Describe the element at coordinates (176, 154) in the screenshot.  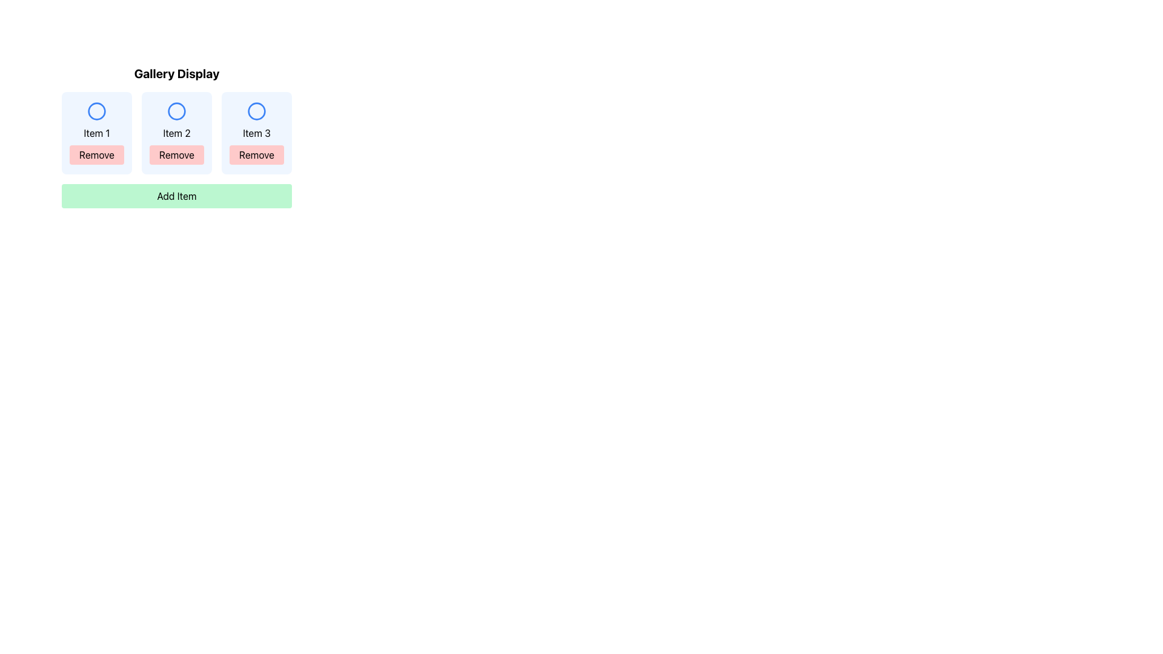
I see `the delete button located below 'Item 2' in the second column of the 'Gallery Display' to observe the hover effect` at that location.